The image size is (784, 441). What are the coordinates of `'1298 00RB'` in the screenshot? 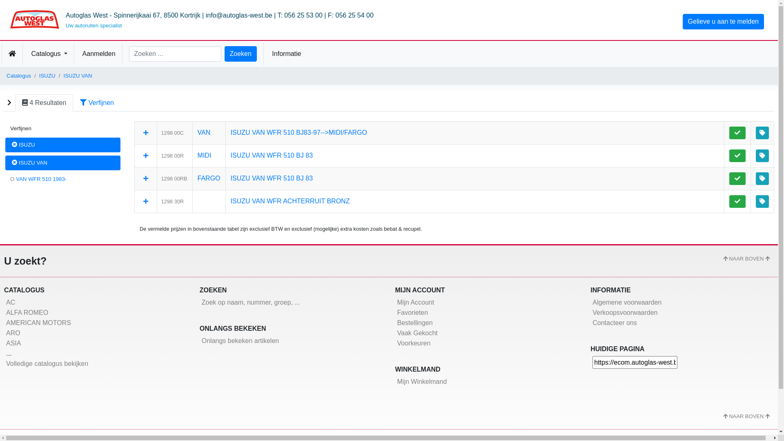 It's located at (174, 178).